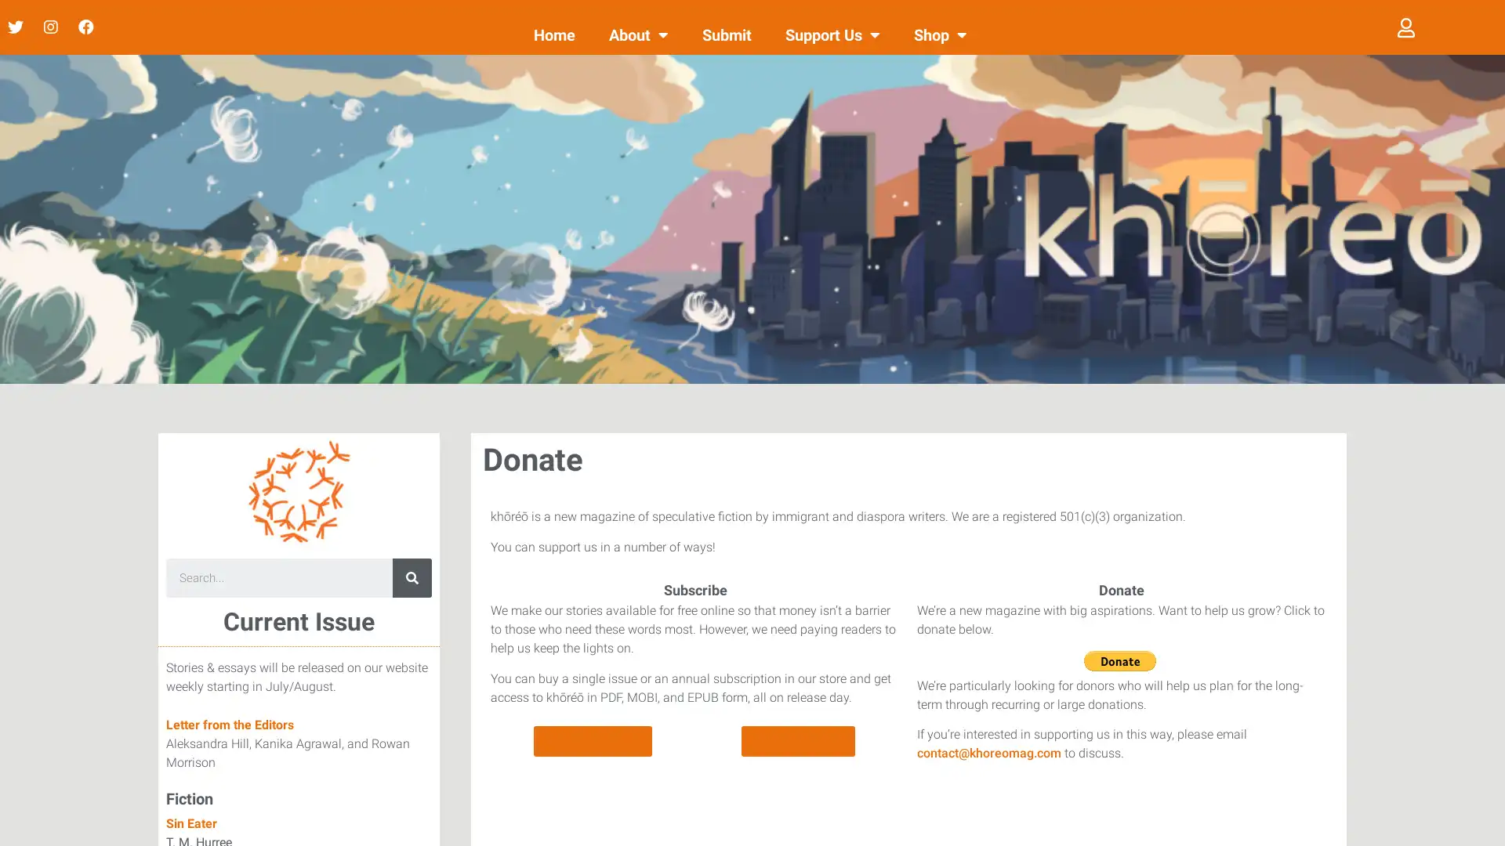 The height and width of the screenshot is (846, 1505). Describe the element at coordinates (412, 577) in the screenshot. I see `Search` at that location.